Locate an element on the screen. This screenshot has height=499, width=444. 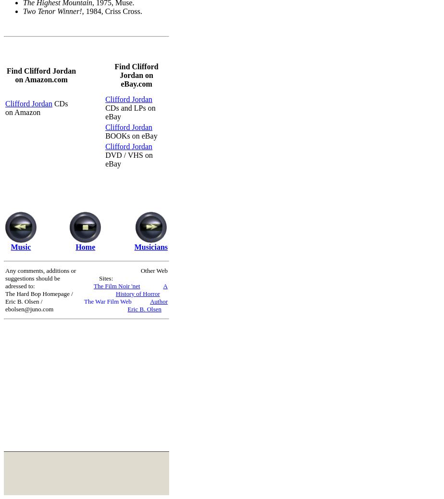
'A History of Horror' is located at coordinates (142, 289).